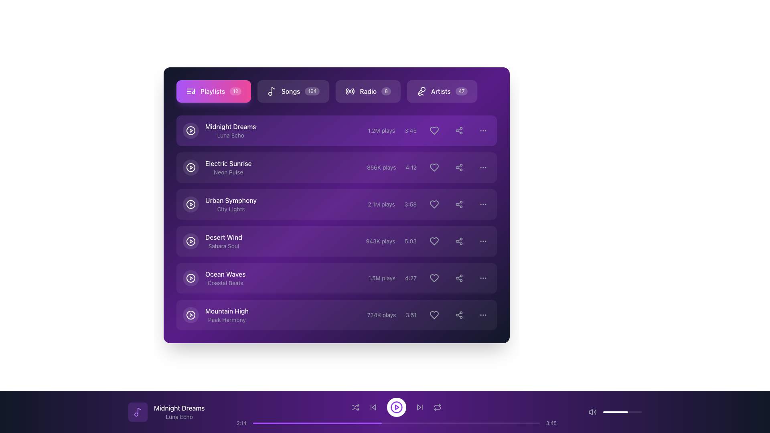 The height and width of the screenshot is (433, 770). I want to click on the triangular-shaped forward navigation icon located in the bottom navigation bar to trigger a tooltip or similar reaction, so click(419, 407).